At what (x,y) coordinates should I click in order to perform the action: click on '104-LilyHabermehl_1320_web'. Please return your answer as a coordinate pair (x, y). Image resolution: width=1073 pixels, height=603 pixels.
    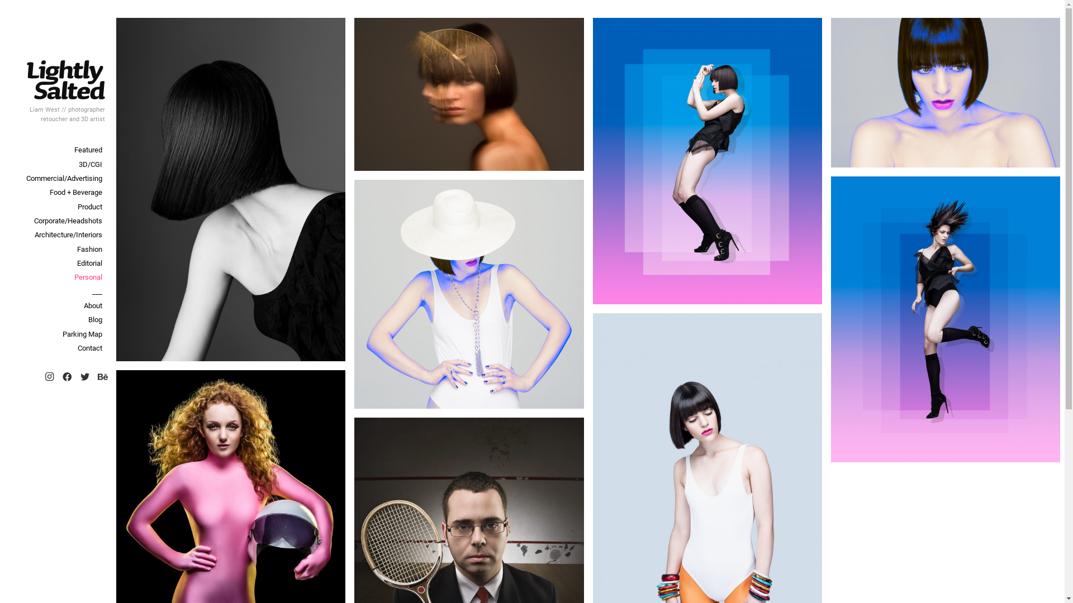
    Looking at the image, I should click on (469, 94).